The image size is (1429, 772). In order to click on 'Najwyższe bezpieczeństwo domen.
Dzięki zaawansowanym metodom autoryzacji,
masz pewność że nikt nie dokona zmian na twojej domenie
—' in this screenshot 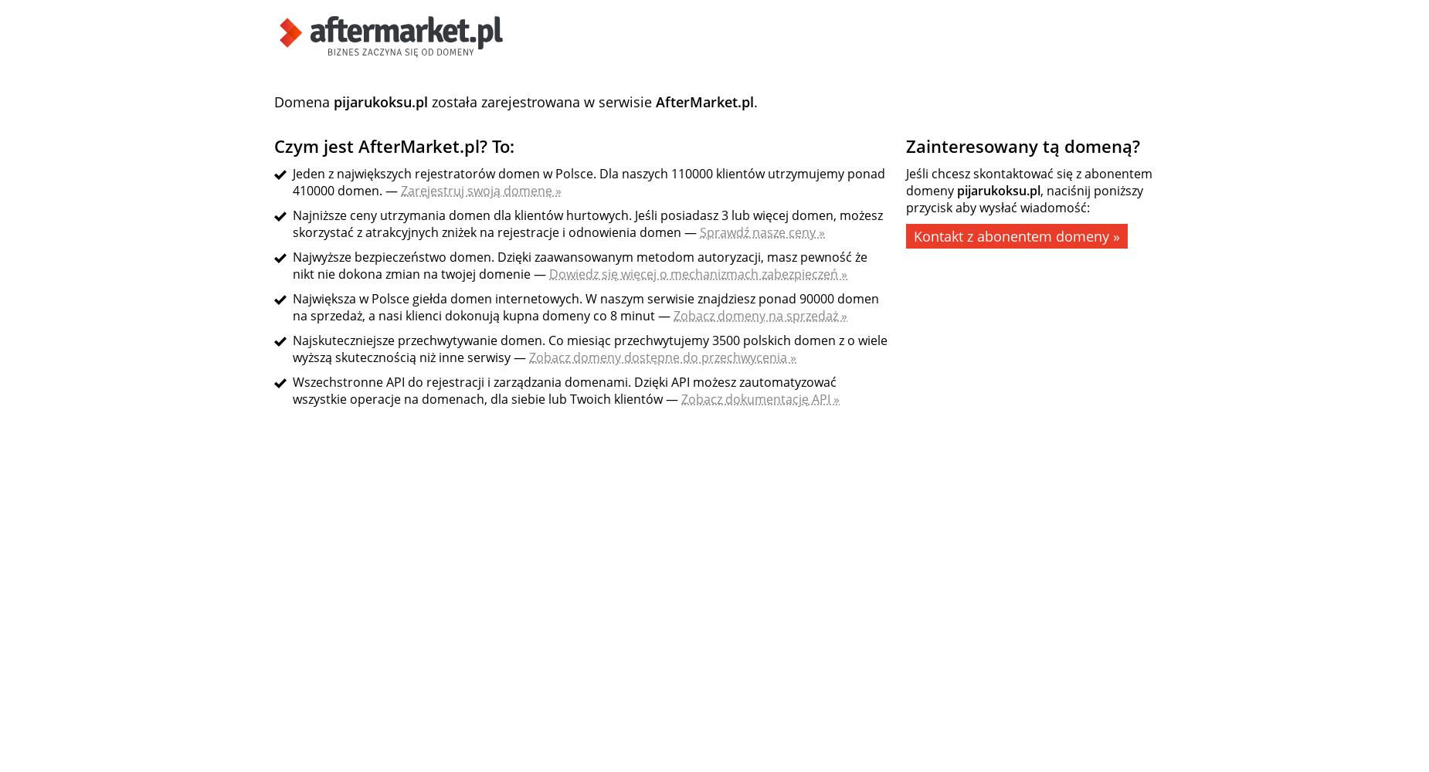, I will do `click(579, 265)`.